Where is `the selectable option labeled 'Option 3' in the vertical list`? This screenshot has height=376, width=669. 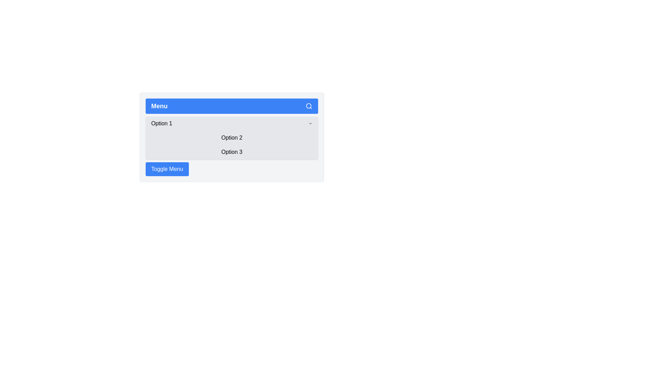 the selectable option labeled 'Option 3' in the vertical list is located at coordinates (232, 152).